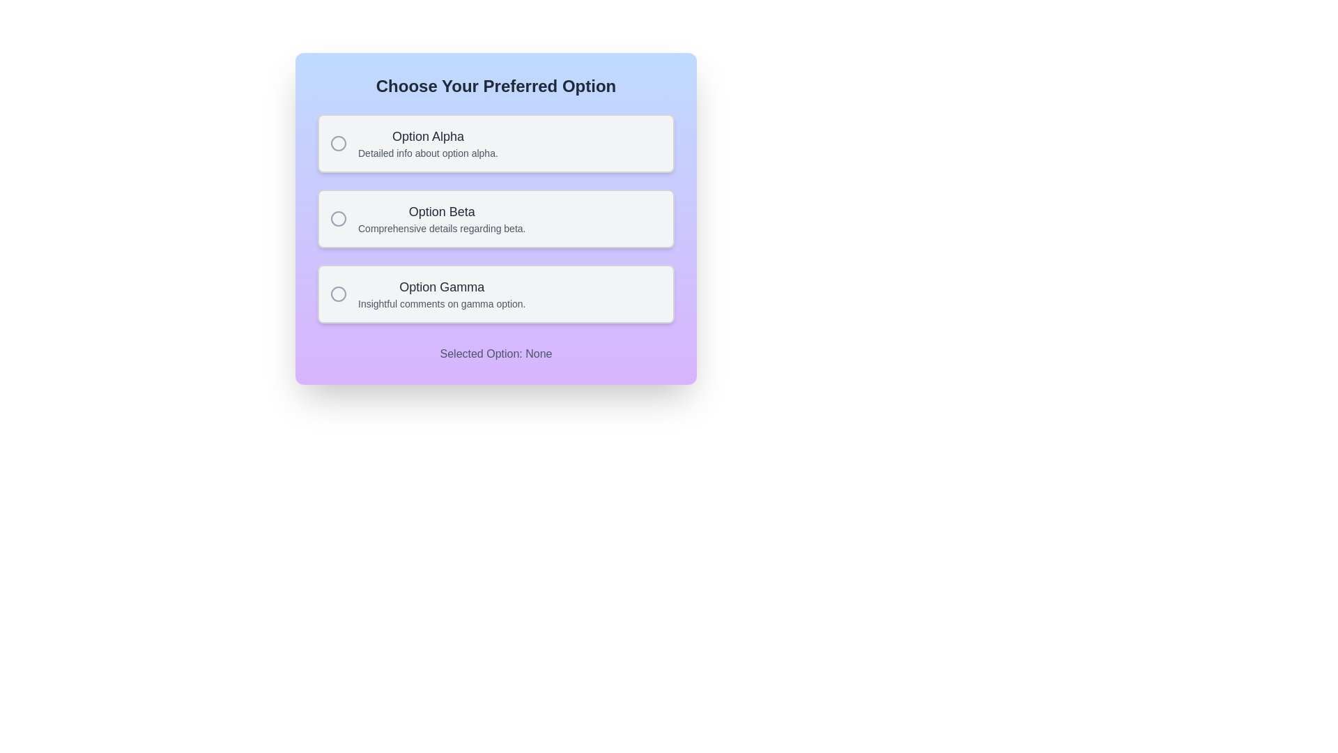 The height and width of the screenshot is (753, 1338). Describe the element at coordinates (441, 227) in the screenshot. I see `descriptive text located in the second option panel directly below the primary label 'Option Beta'` at that location.